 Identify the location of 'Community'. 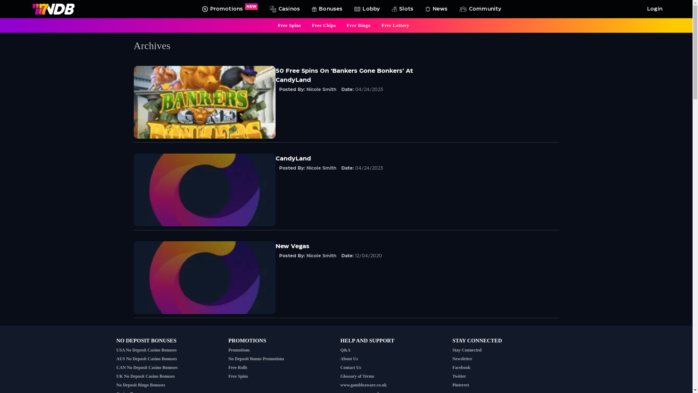
(479, 9).